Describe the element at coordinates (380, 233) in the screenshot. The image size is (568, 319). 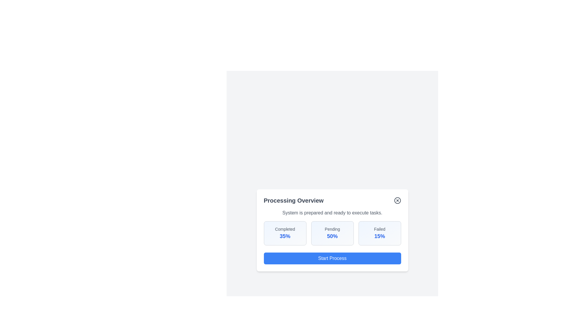
I see `the statistic box labeled 'Failed' to analyze its content` at that location.